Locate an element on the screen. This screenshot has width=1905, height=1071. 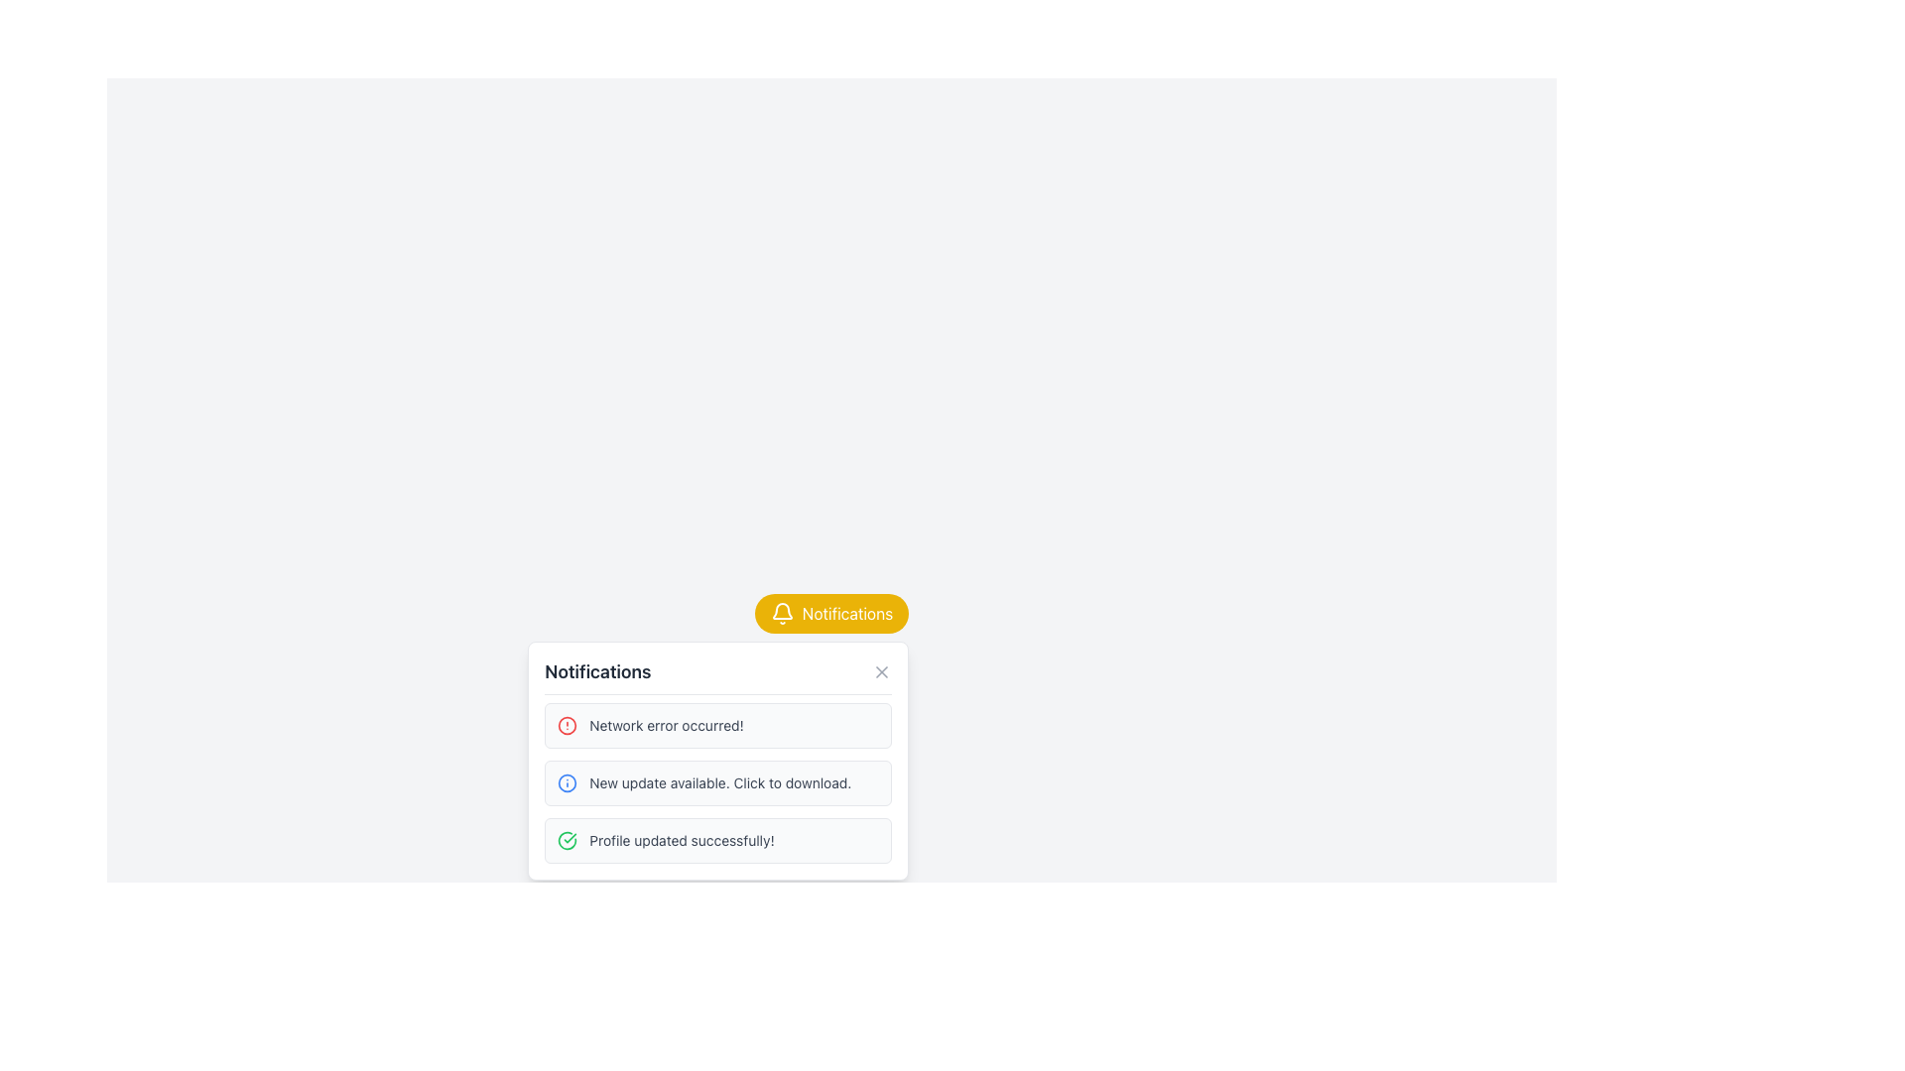
the third notification item in the Notifications dialog to interact with it, which indicates a successful profile update is located at coordinates (717, 841).